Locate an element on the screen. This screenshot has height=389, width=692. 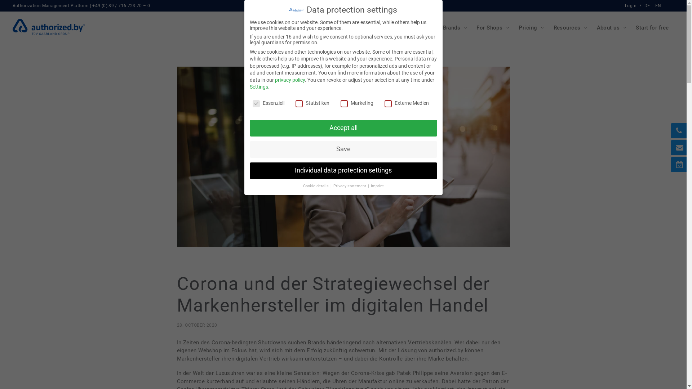
'For Brands' is located at coordinates (449, 27).